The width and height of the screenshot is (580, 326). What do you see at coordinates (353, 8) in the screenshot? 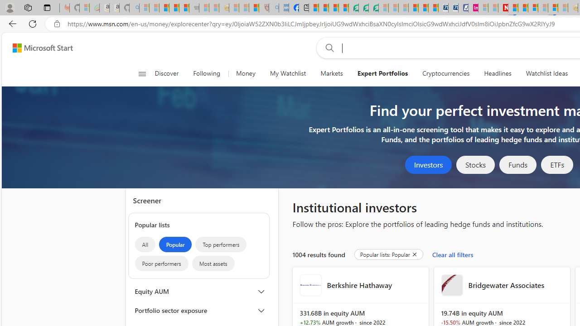
I see `'LendingTree - Compare Lenders'` at bounding box center [353, 8].